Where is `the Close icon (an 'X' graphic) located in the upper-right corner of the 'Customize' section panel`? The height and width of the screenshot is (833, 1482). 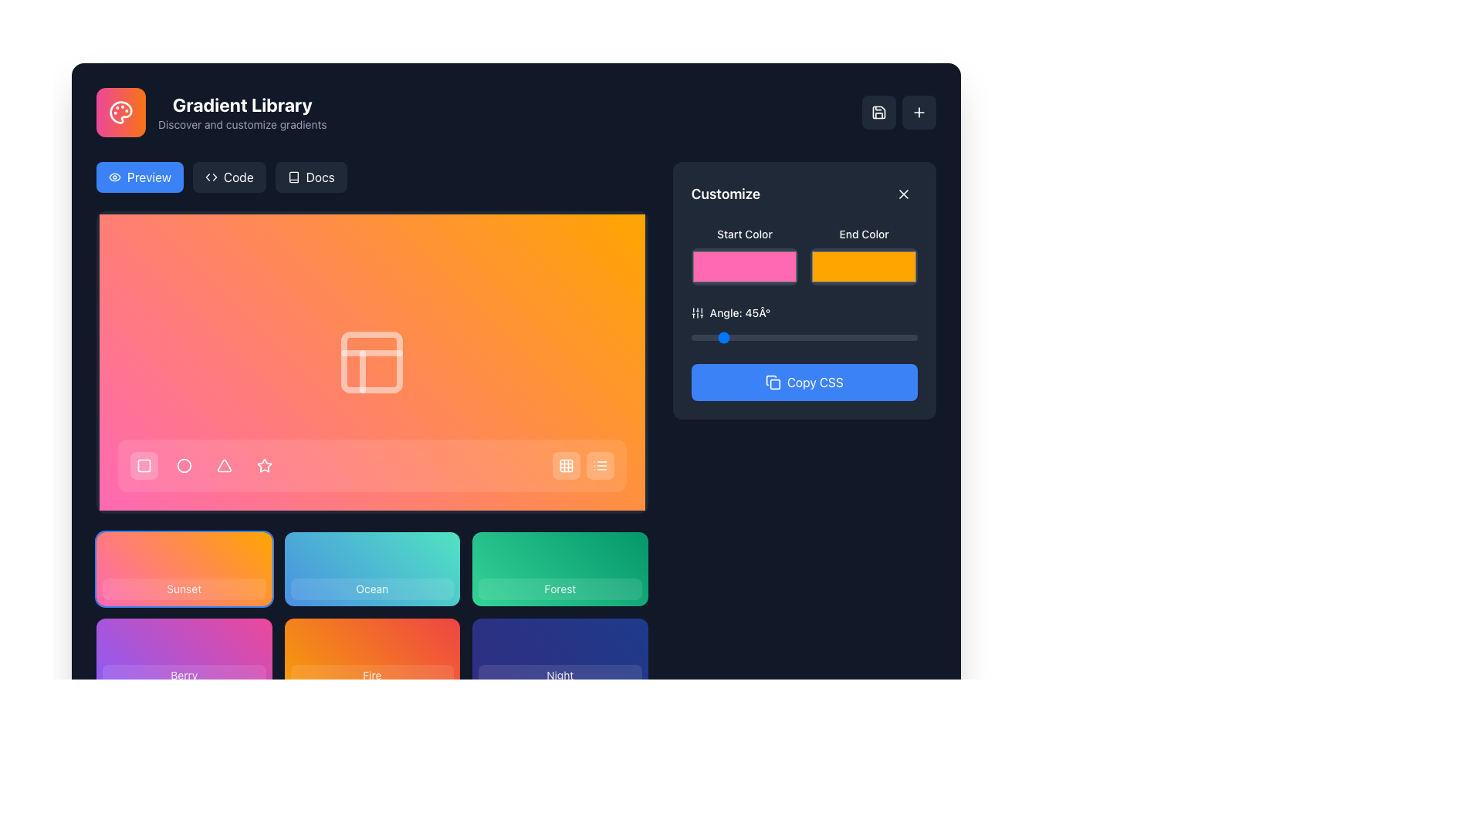
the Close icon (an 'X' graphic) located in the upper-right corner of the 'Customize' section panel is located at coordinates (904, 193).